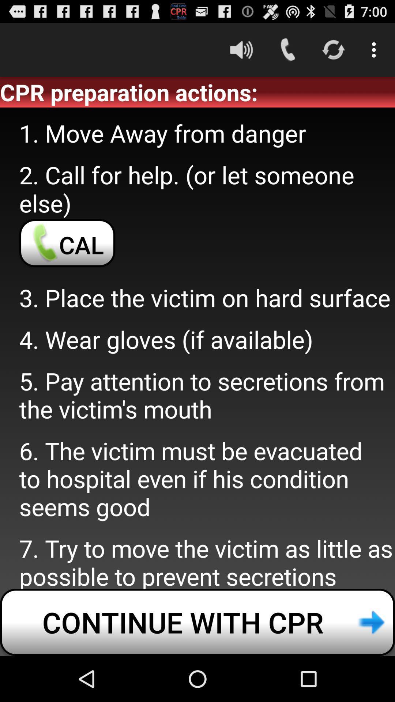  Describe the element at coordinates (197, 622) in the screenshot. I see `the icon below the 7 try to icon` at that location.